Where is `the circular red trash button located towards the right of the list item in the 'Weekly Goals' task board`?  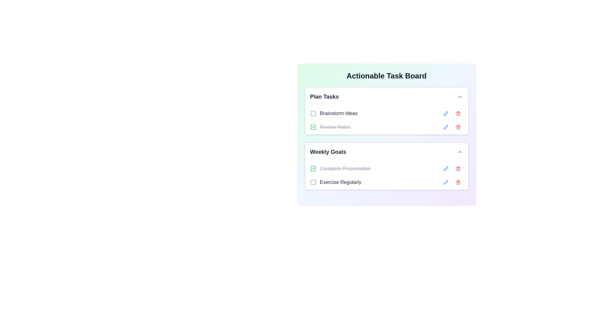
the circular red trash button located towards the right of the list item in the 'Weekly Goals' task board is located at coordinates (458, 168).